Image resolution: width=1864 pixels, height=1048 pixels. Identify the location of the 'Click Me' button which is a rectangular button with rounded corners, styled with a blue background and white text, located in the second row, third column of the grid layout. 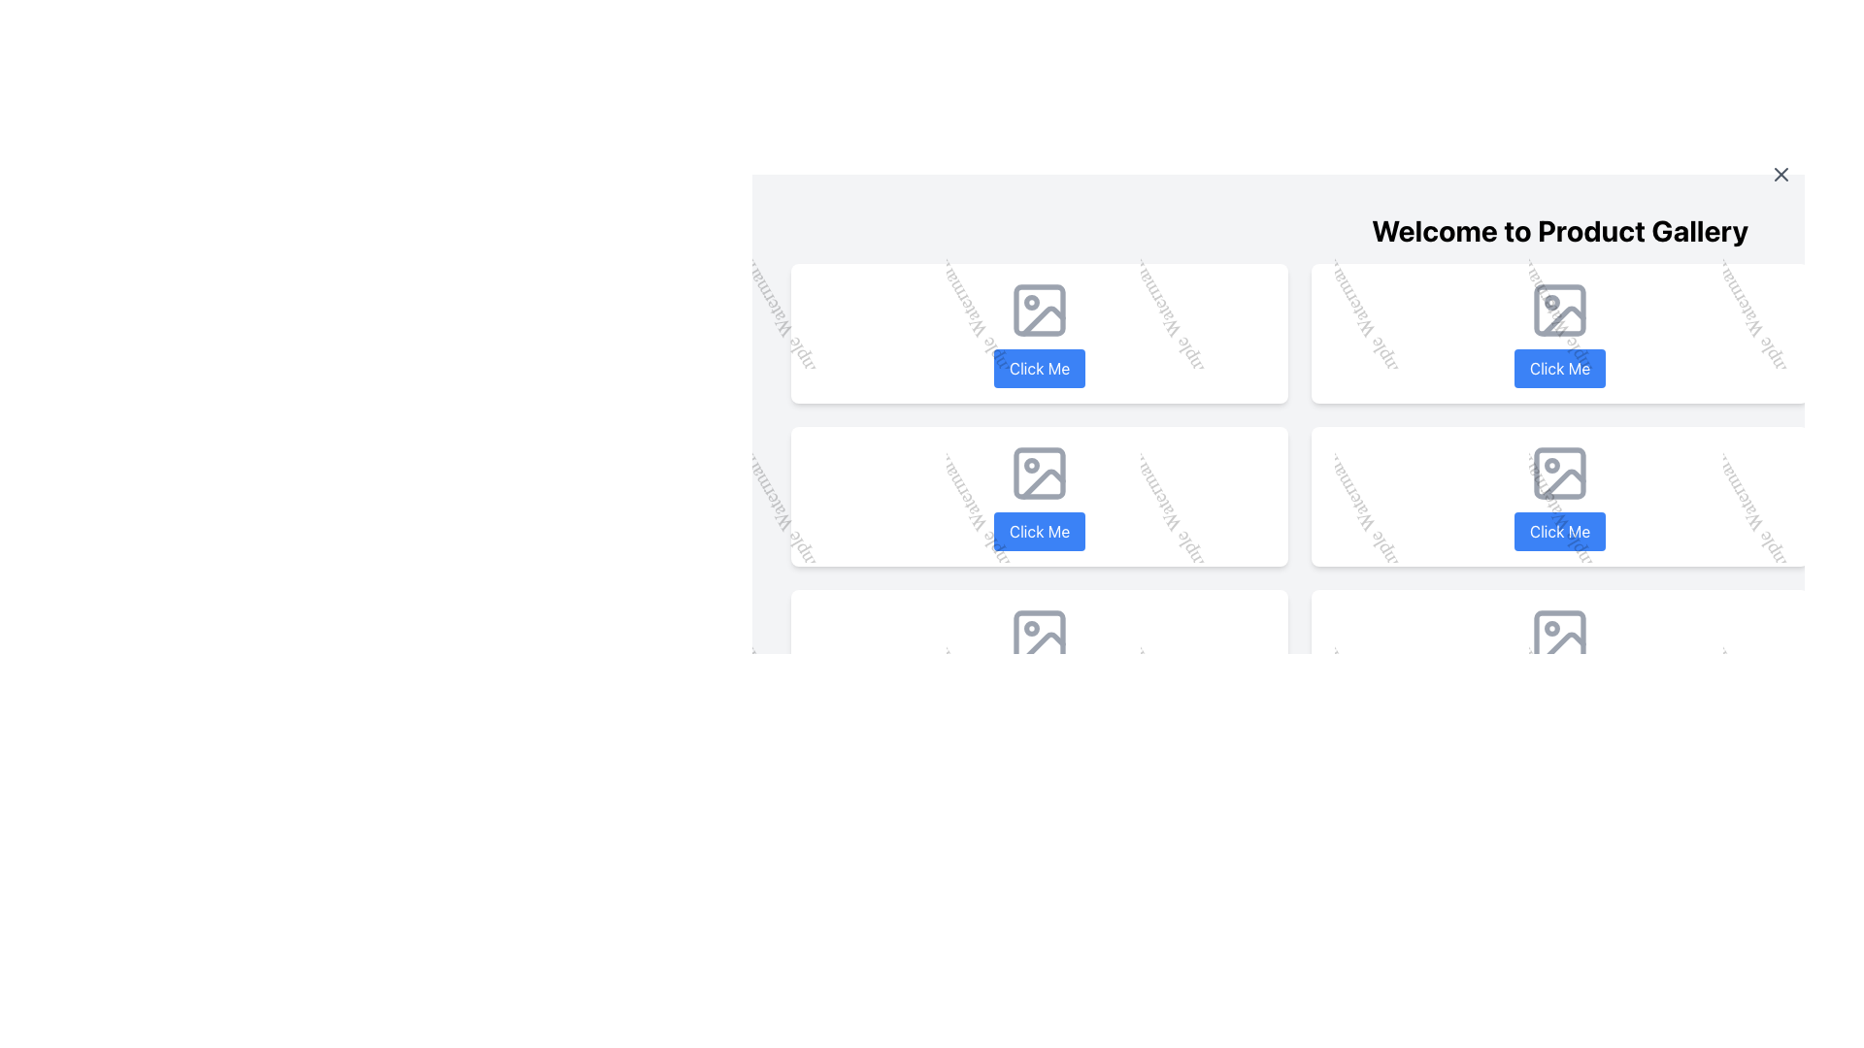
(1038, 531).